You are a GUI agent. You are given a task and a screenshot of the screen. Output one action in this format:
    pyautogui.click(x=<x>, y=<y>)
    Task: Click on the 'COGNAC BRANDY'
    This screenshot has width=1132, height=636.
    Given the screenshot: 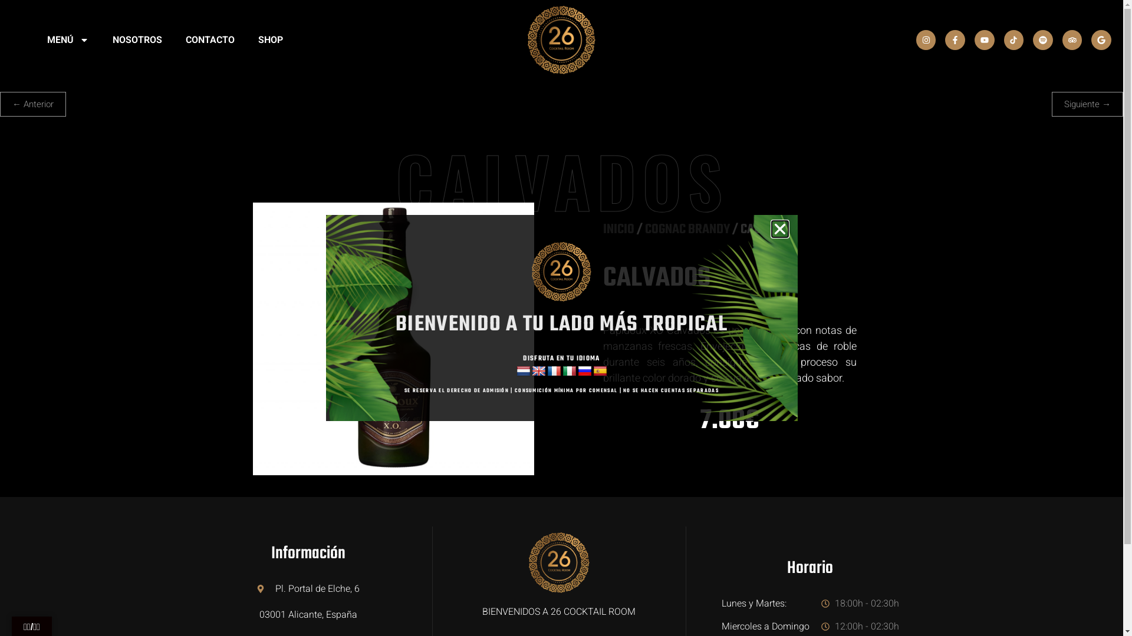 What is the action you would take?
    pyautogui.click(x=687, y=229)
    